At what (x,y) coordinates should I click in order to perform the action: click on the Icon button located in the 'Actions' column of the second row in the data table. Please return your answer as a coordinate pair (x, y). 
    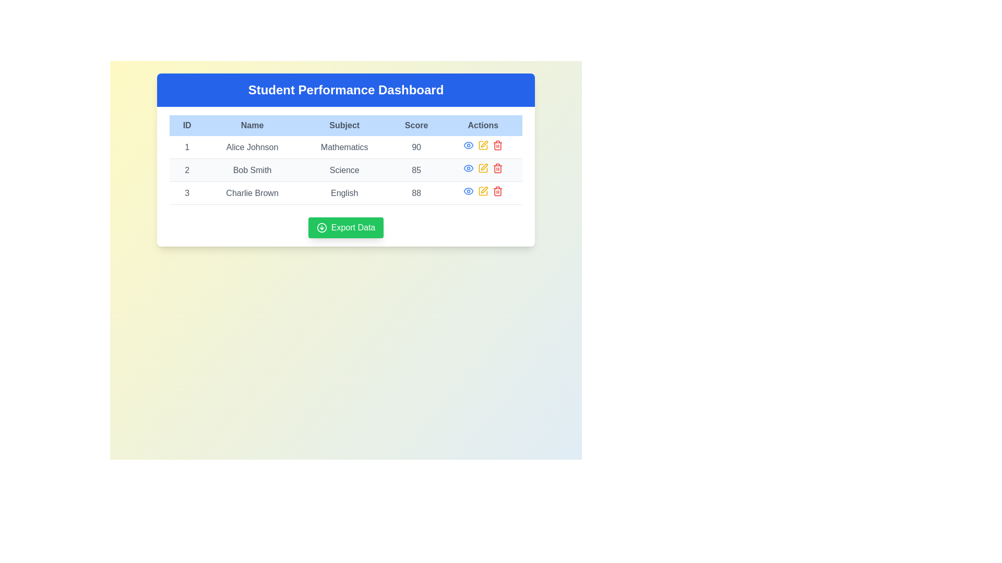
    Looking at the image, I should click on (468, 168).